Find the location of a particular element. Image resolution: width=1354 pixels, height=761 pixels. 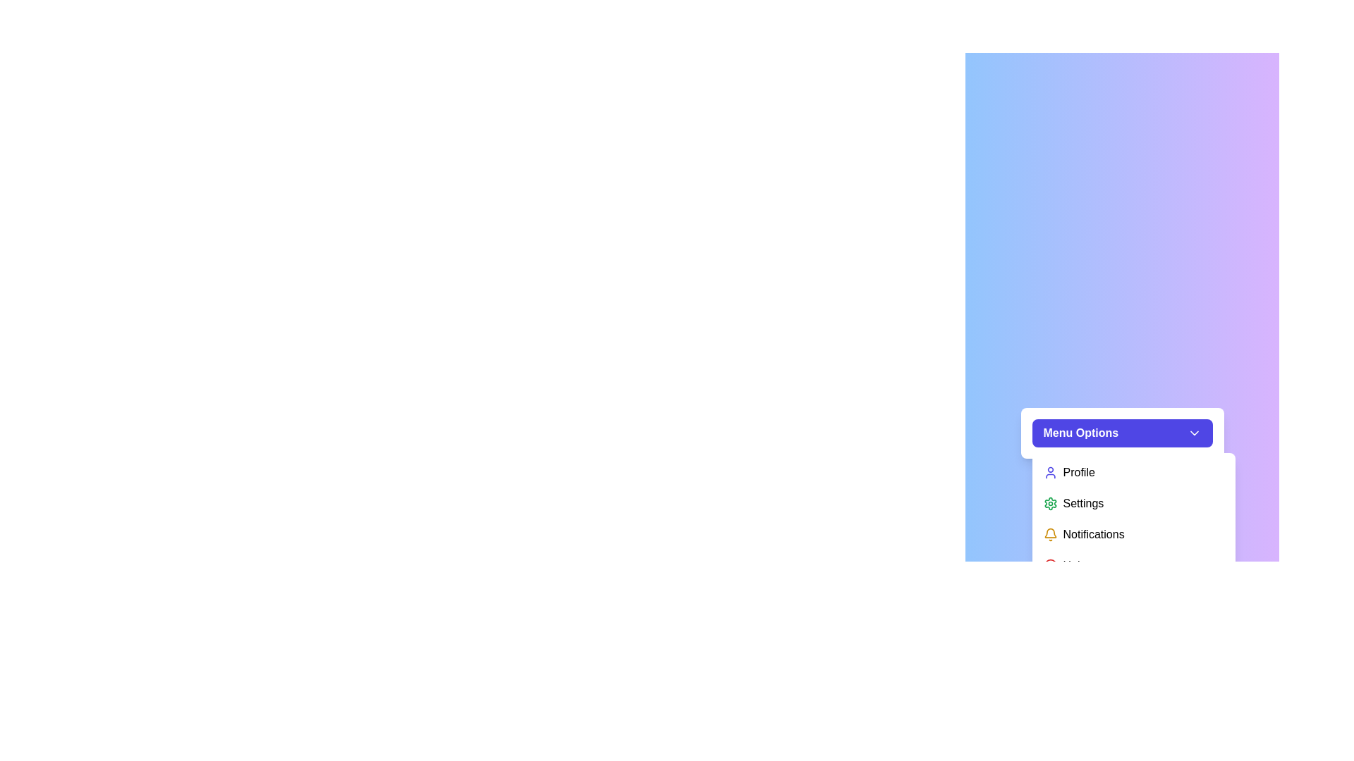

the help icon located in the bottom portion of the 'Menu Options' dropdown is located at coordinates (1050, 564).